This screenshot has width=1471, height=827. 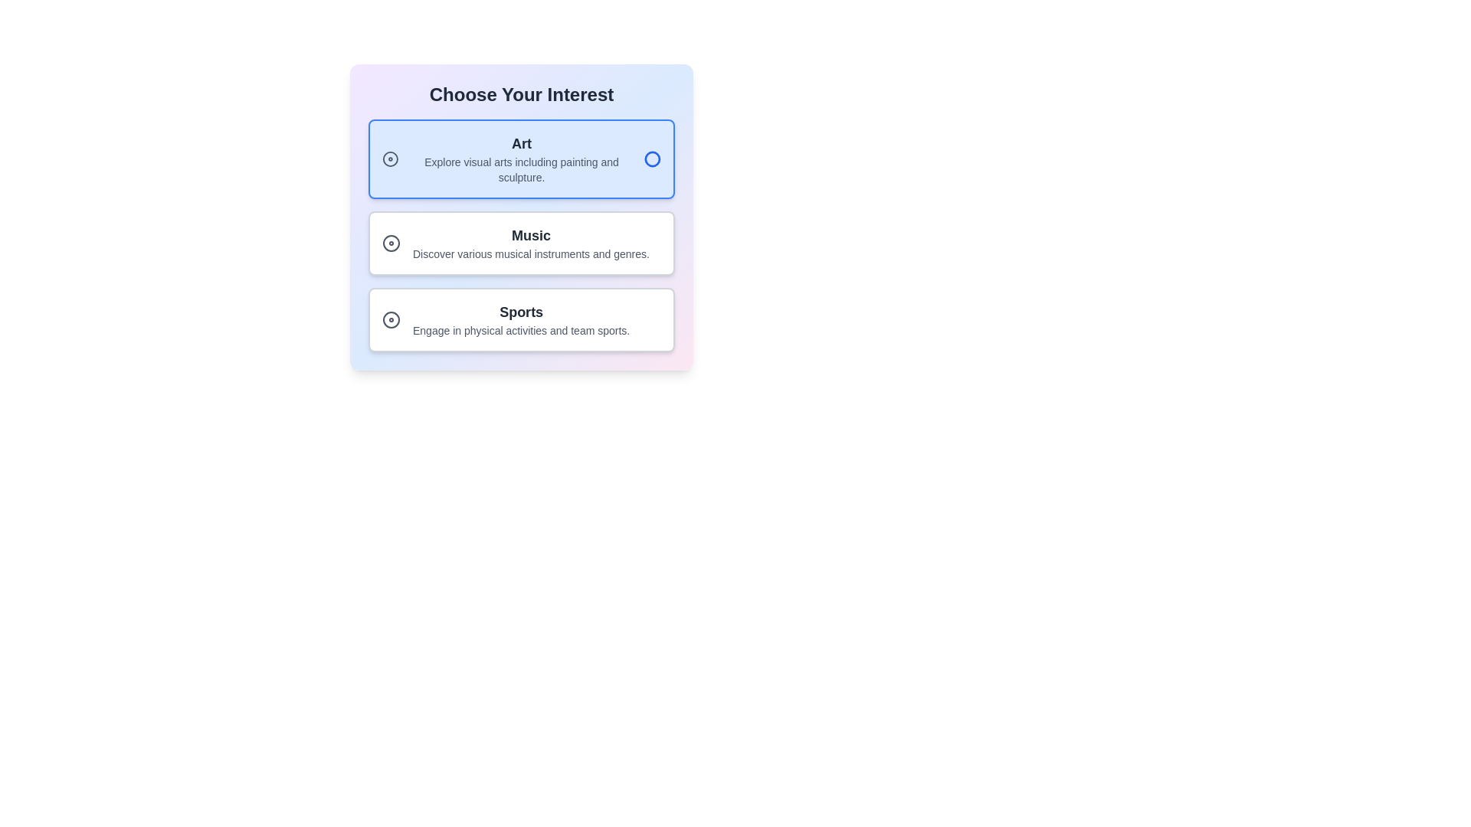 I want to click on the selectable card for 'Sports' using keyboard navigation, so click(x=522, y=319).